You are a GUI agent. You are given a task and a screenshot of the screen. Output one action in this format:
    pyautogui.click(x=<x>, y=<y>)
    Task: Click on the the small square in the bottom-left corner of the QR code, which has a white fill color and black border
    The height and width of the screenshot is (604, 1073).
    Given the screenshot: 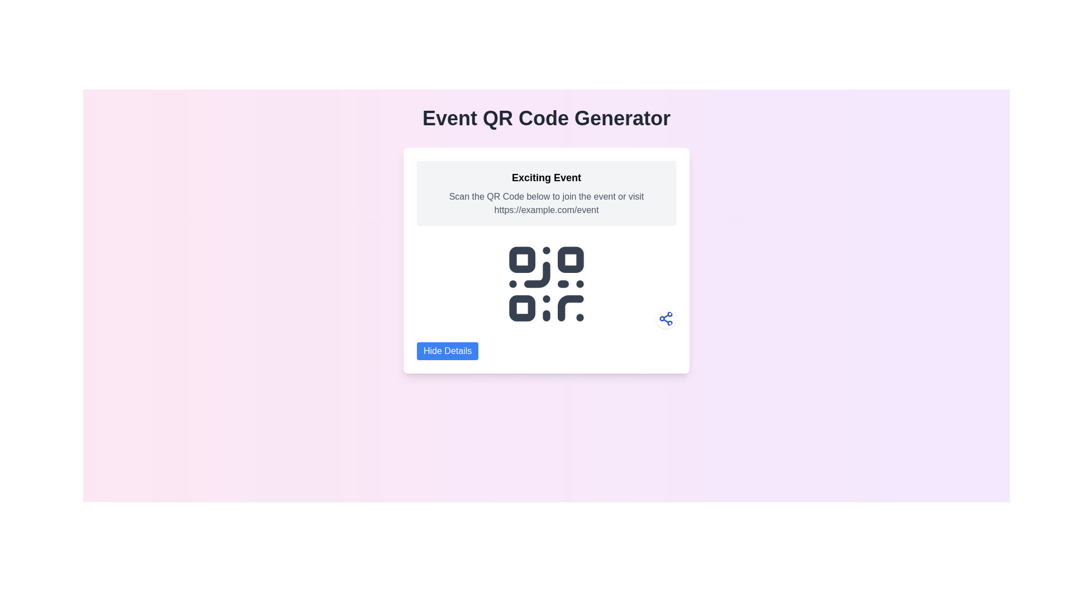 What is the action you would take?
    pyautogui.click(x=521, y=308)
    